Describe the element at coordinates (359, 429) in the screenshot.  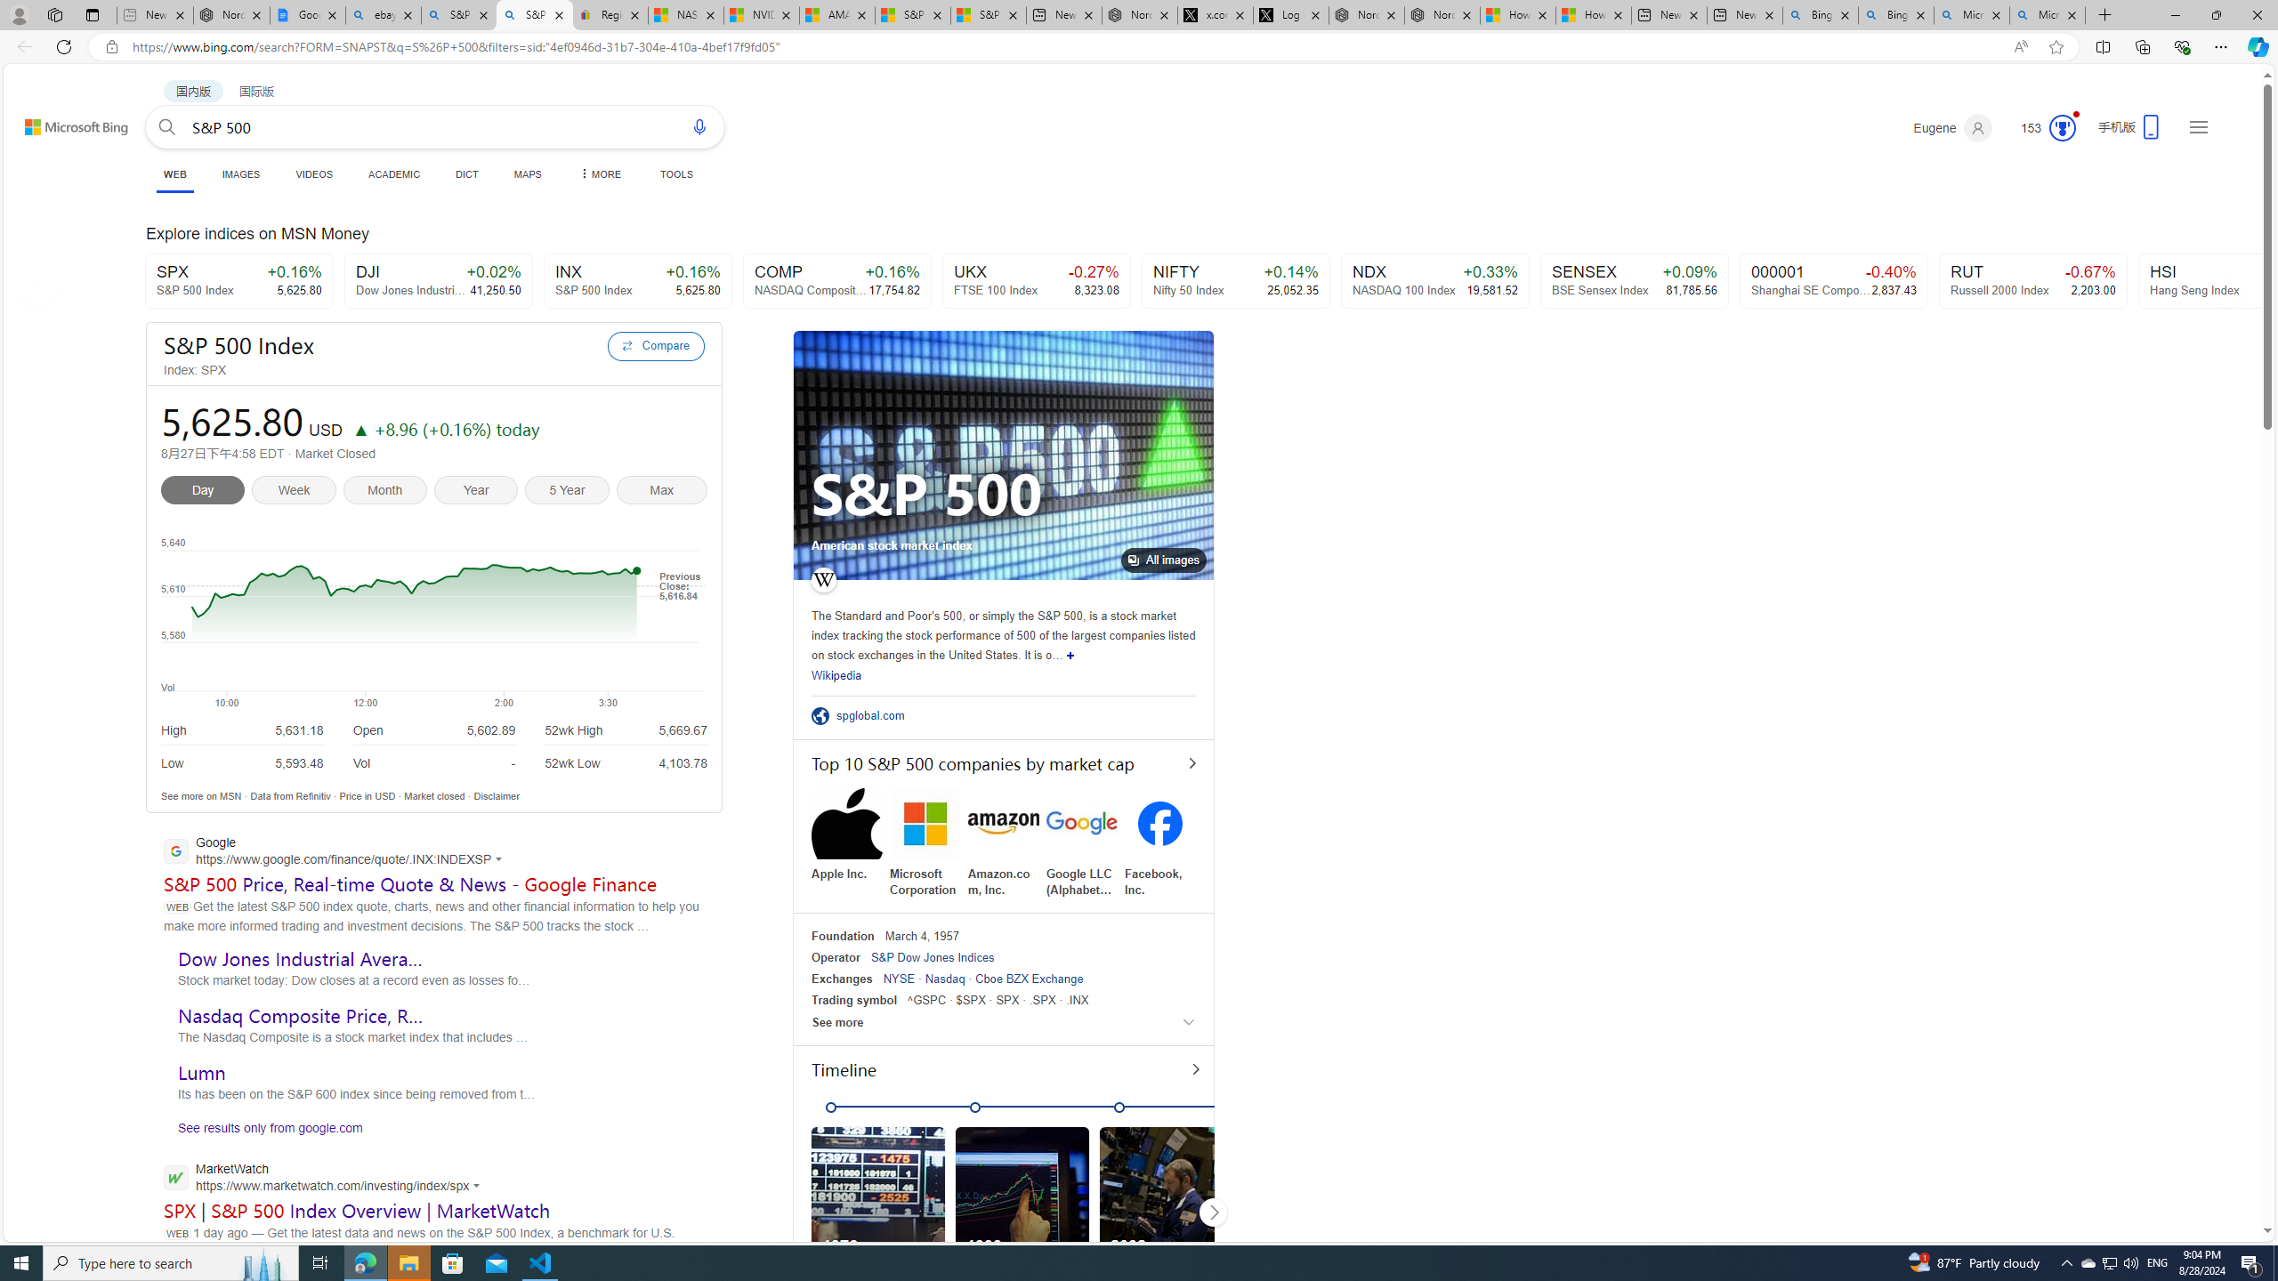
I see `'Price increase'` at that location.